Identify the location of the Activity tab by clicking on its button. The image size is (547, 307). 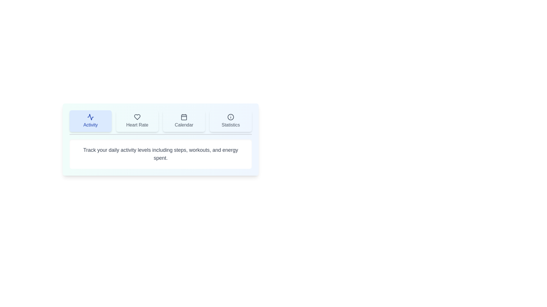
(90, 121).